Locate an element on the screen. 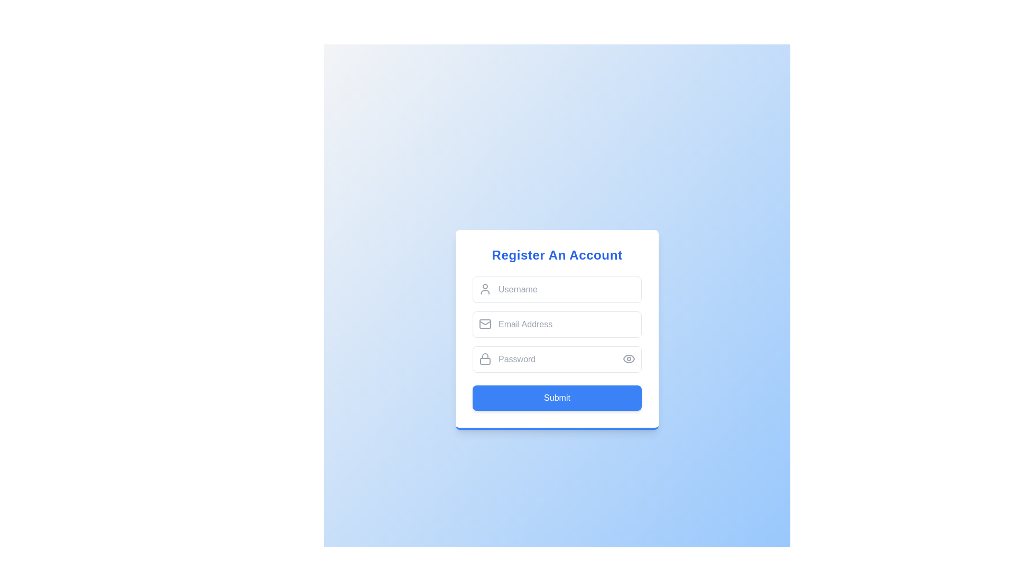 The width and height of the screenshot is (1015, 571). the mail icon, which is a minimalistic envelope with a central horizontal line indicating the flap, located to the left of the 'Email Address' input field is located at coordinates (484, 324).